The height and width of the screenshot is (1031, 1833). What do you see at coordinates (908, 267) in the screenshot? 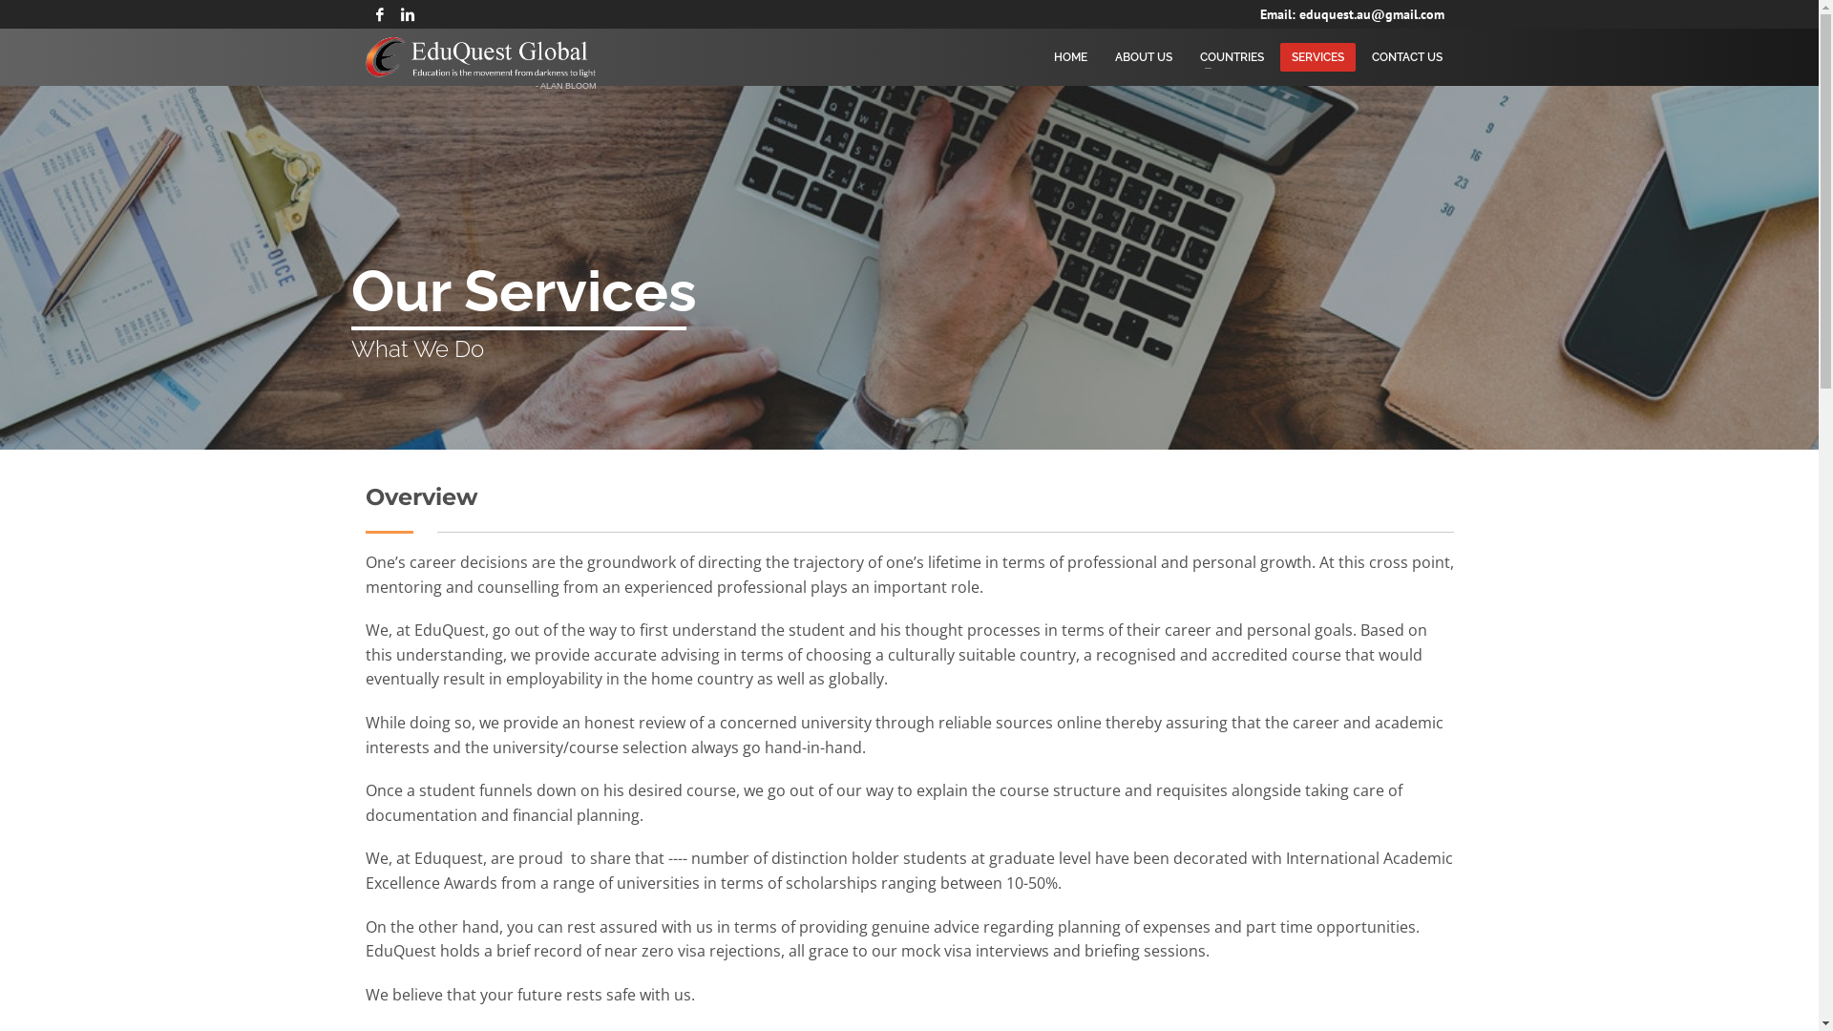
I see `'pexels-photo-1011329'` at bounding box center [908, 267].